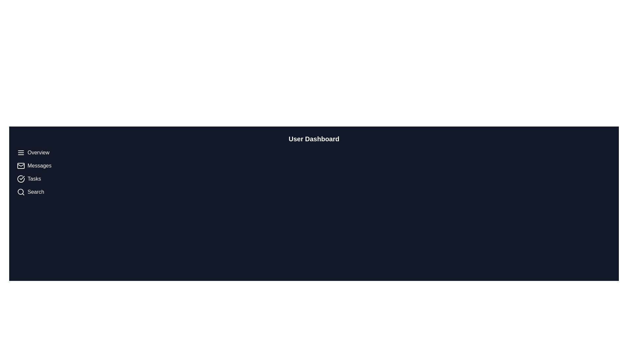  I want to click on the first icon representing the 'Messages' function located on the left navigation panel, positioned below the 'Overview' entry and above the 'Tasks' entry, so click(21, 165).